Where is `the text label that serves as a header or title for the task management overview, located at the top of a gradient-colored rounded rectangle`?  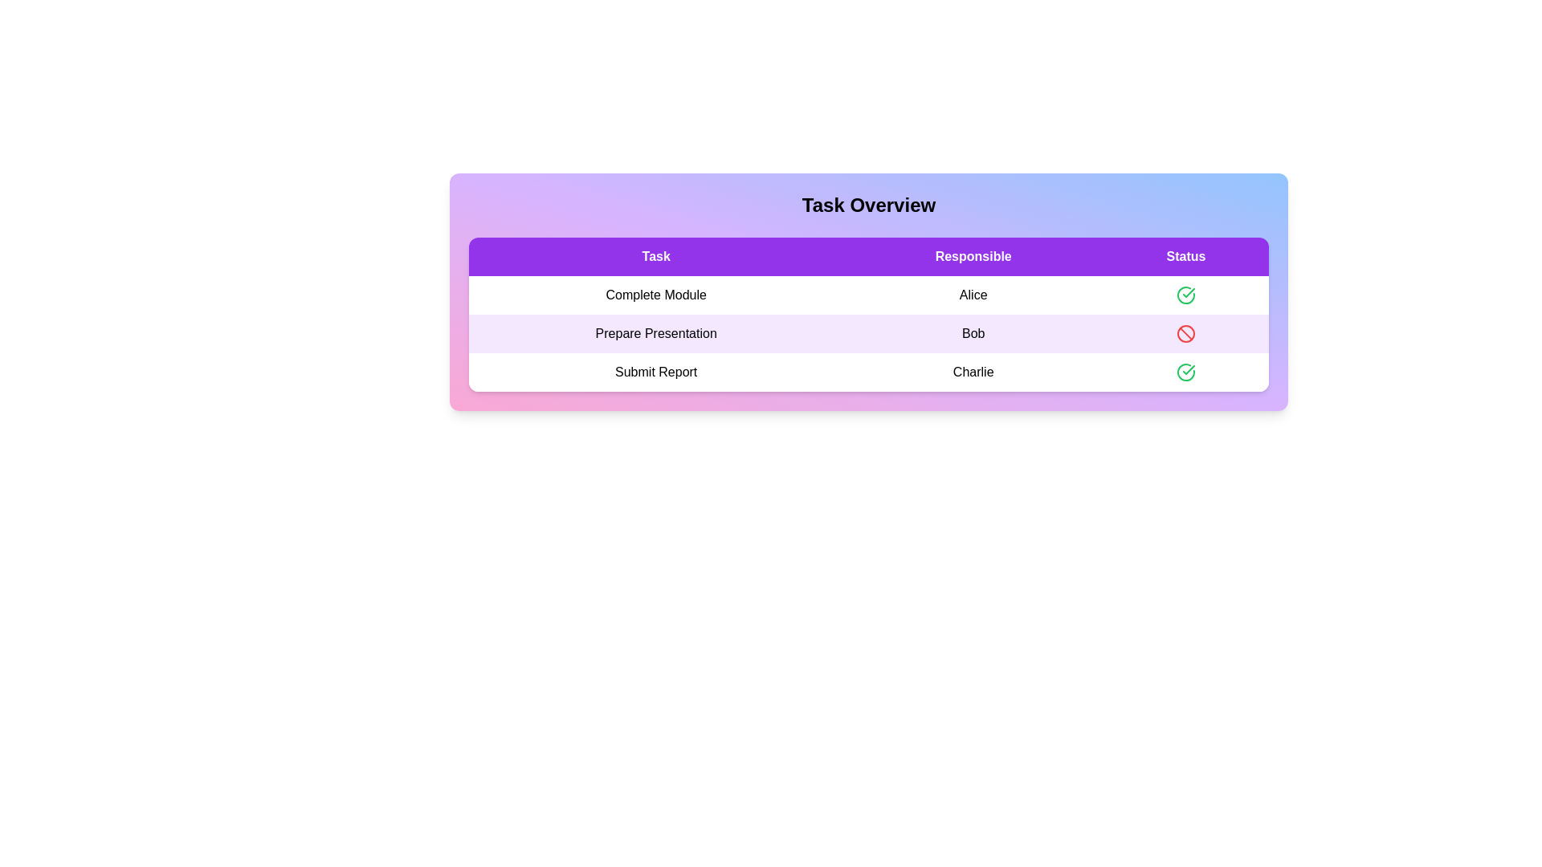
the text label that serves as a header or title for the task management overview, located at the top of a gradient-colored rounded rectangle is located at coordinates (867, 204).